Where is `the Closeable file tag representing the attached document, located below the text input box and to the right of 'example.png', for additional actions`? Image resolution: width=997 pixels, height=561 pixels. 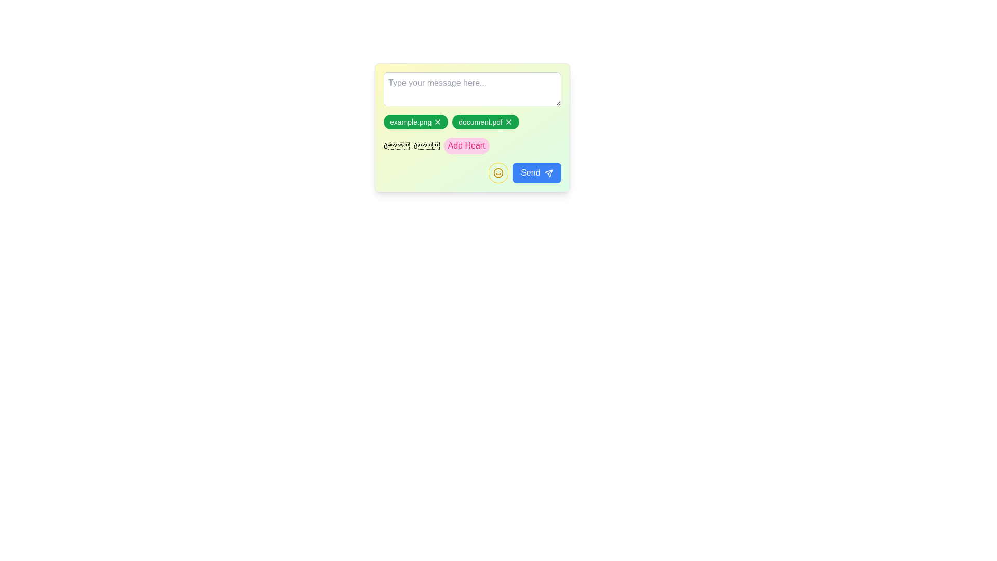 the Closeable file tag representing the attached document, located below the text input box and to the right of 'example.png', for additional actions is located at coordinates (472, 127).